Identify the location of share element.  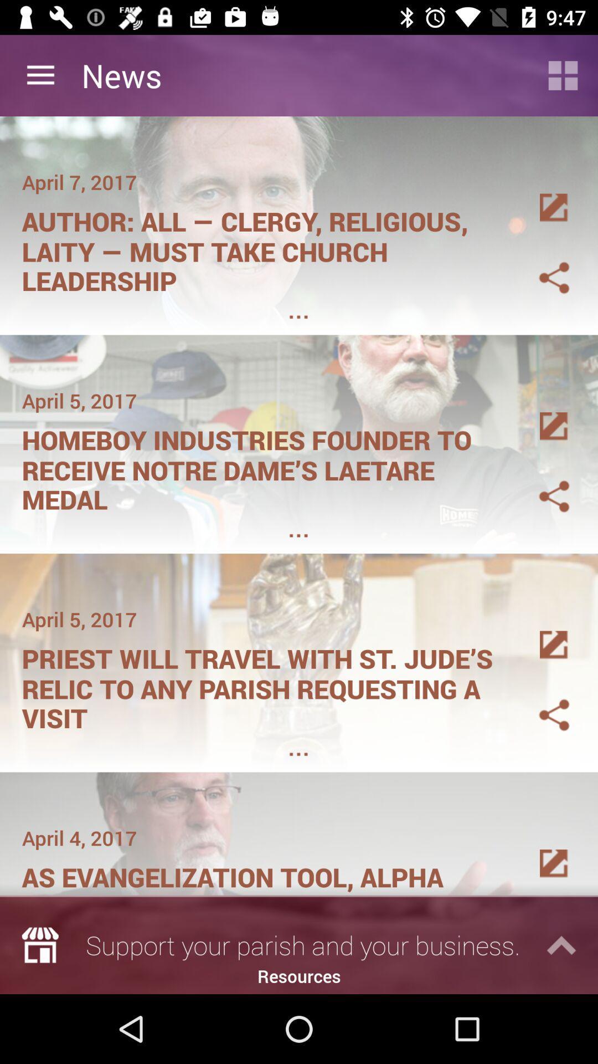
(540, 483).